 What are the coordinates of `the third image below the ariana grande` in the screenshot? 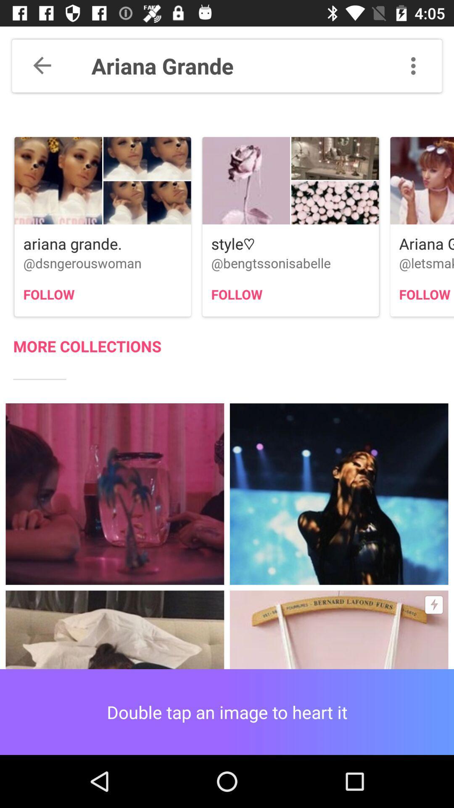 It's located at (422, 226).